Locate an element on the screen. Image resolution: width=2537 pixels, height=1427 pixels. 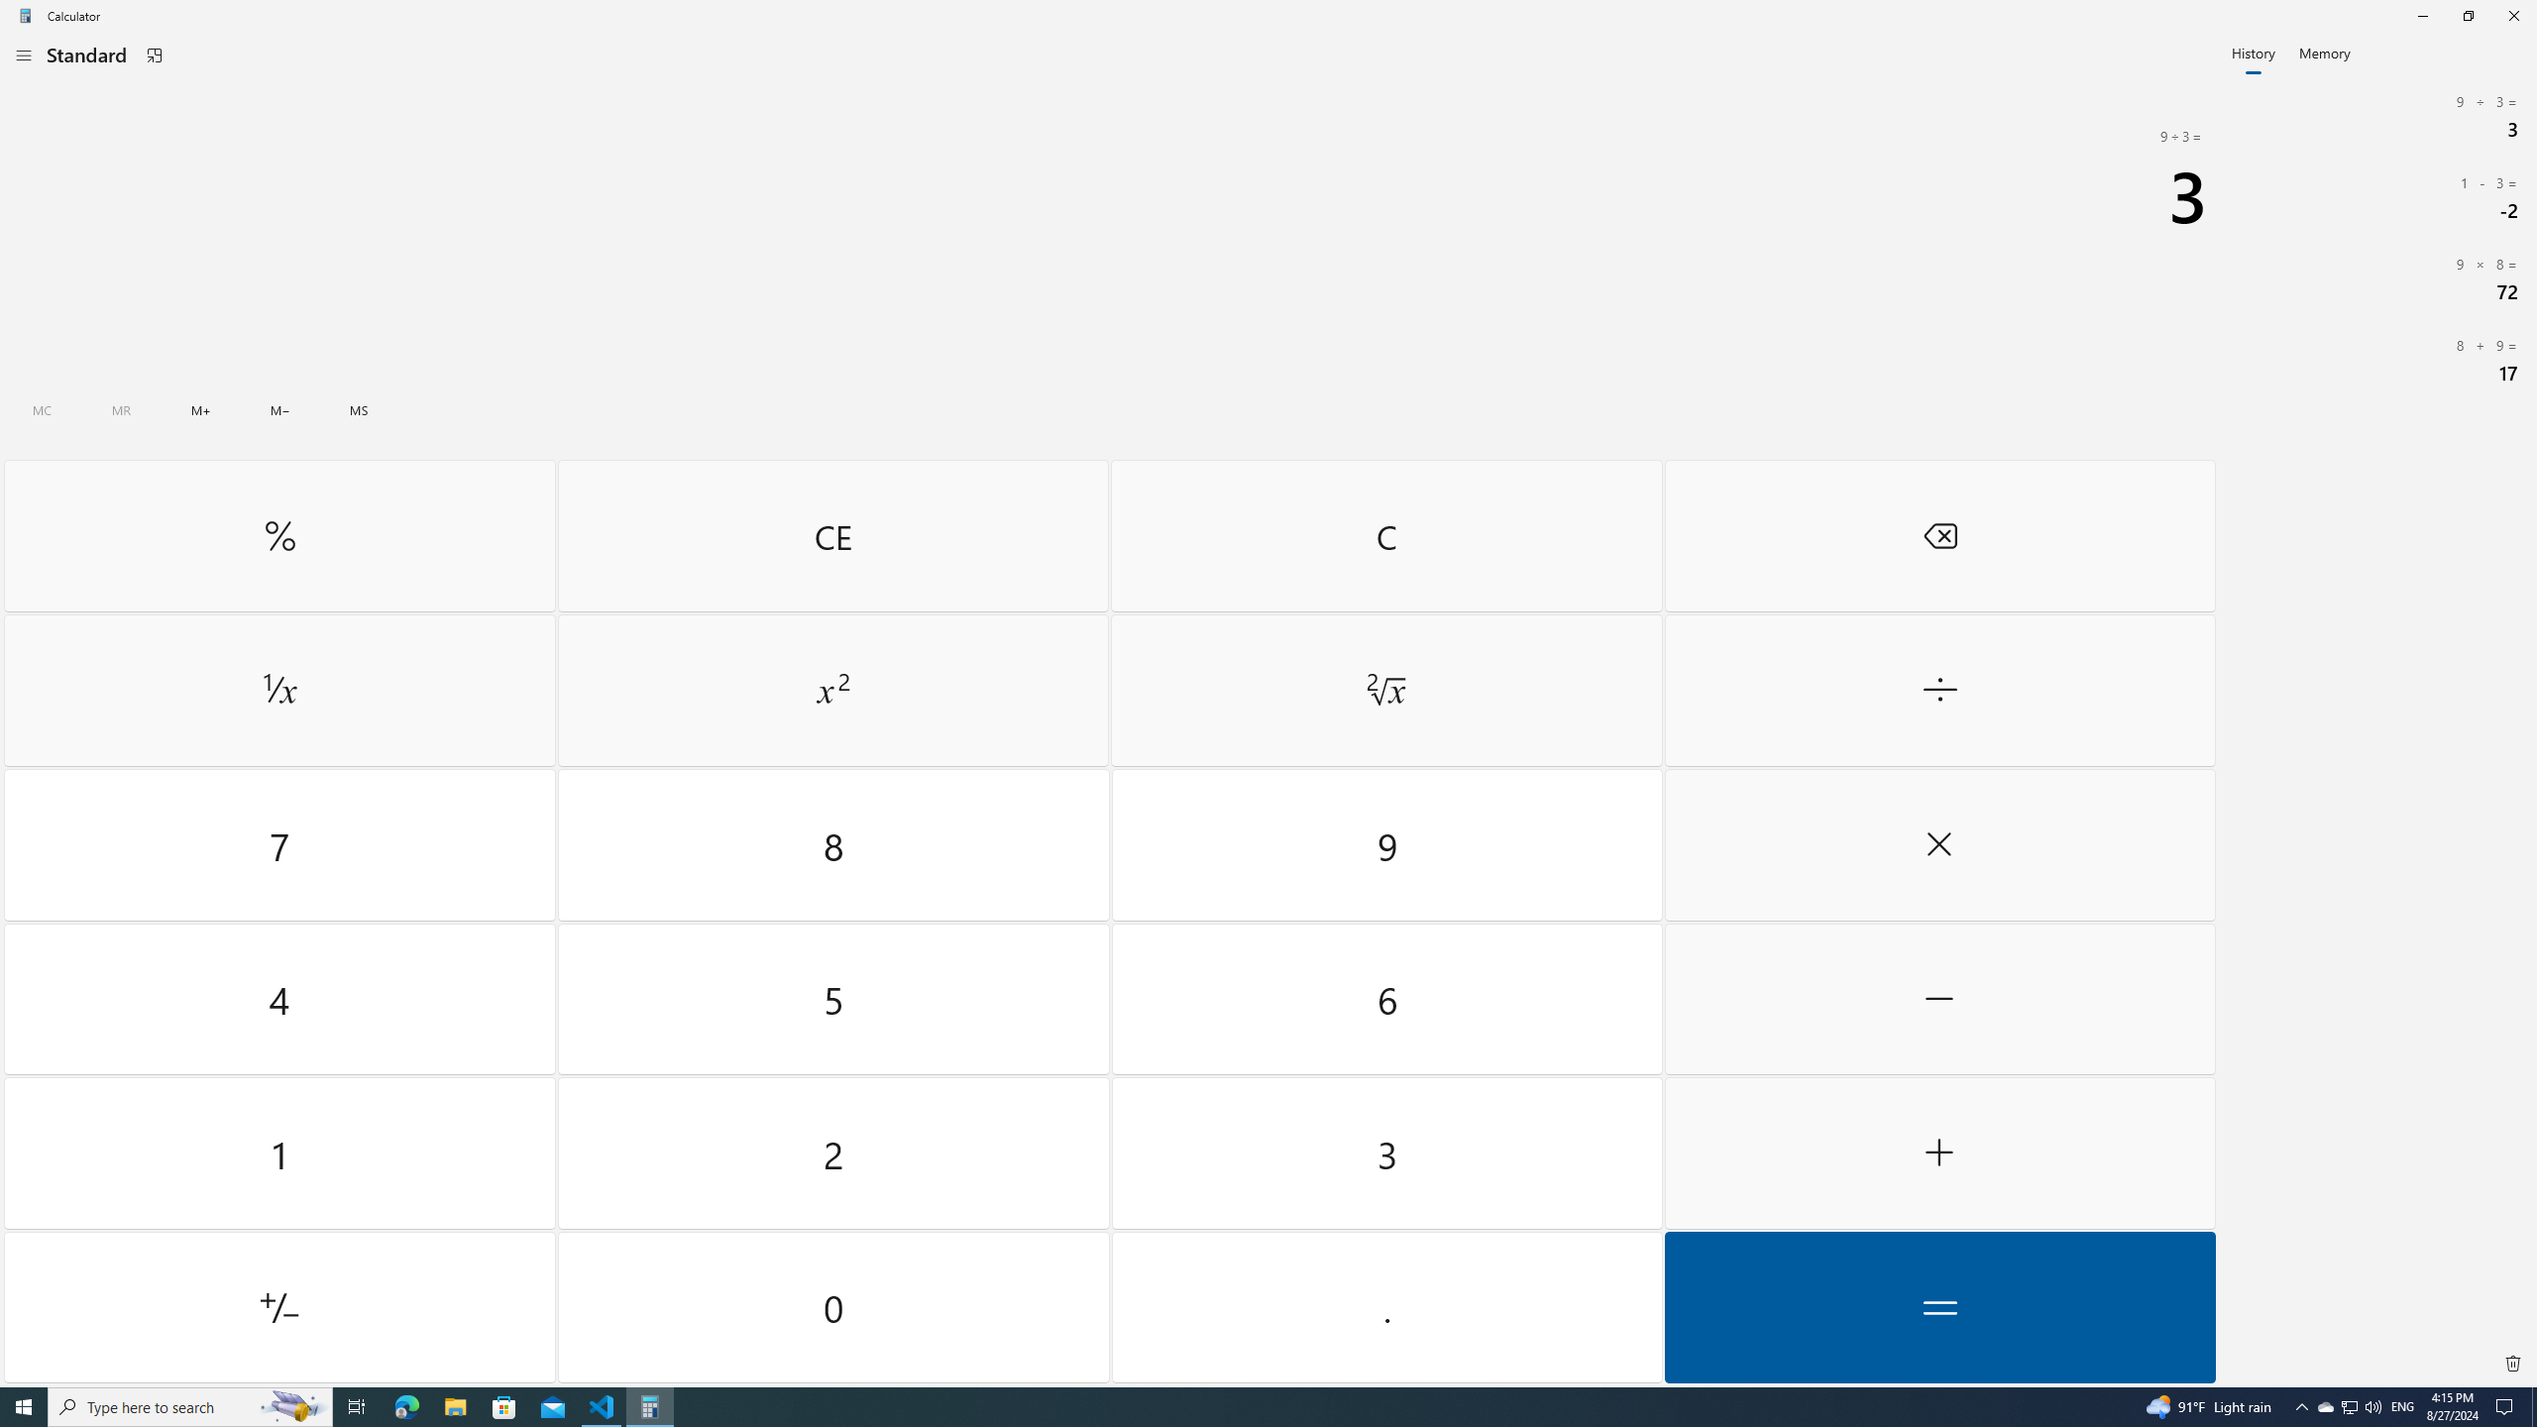
'Memory recall' is located at coordinates (121, 409).